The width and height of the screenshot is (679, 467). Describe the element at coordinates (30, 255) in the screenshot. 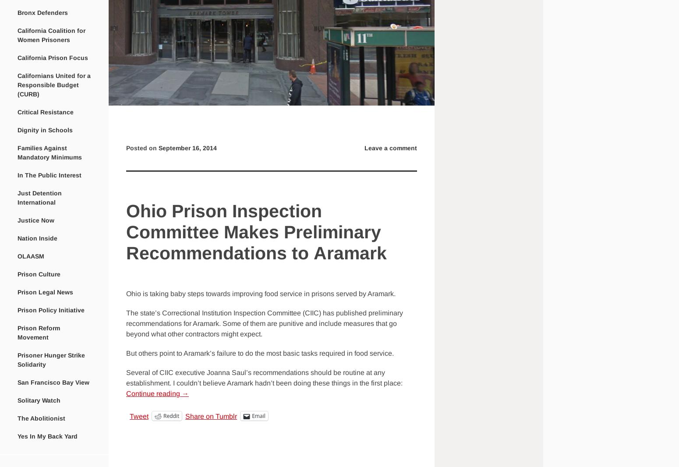

I see `'OLAASM'` at that location.